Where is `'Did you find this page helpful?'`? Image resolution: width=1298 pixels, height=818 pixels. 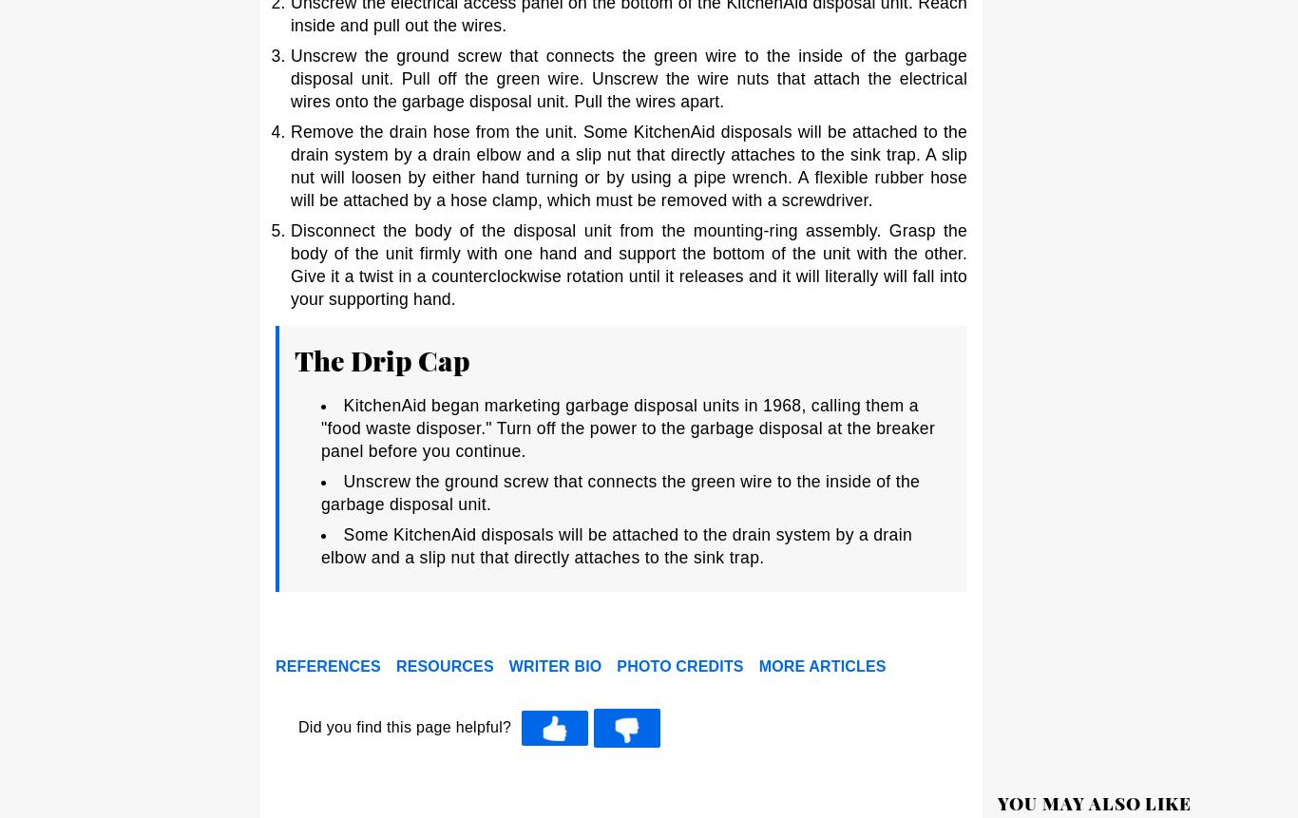 'Did you find this page helpful?' is located at coordinates (404, 727).